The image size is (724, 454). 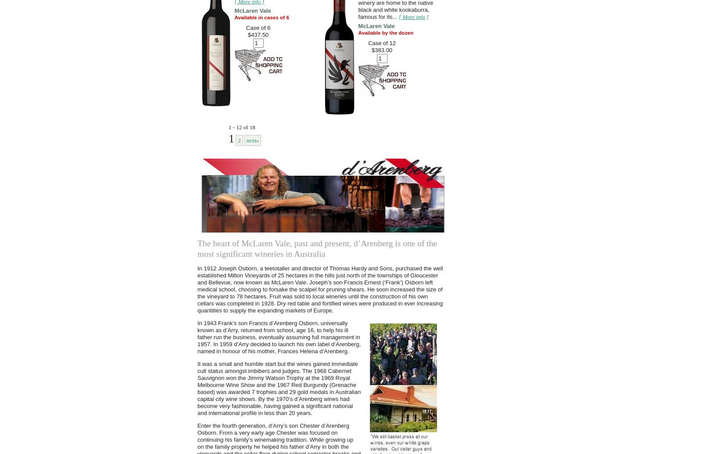 I want to click on 'Available by the dozen', so click(x=385, y=32).